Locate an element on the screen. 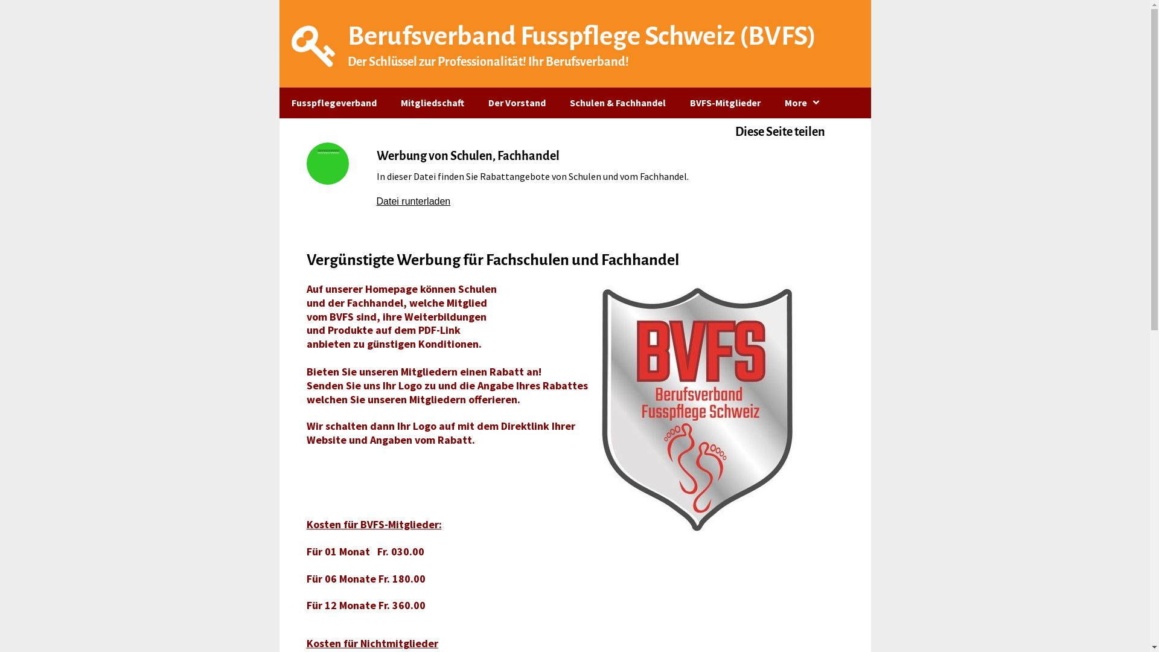 This screenshot has width=1159, height=652. 'More' is located at coordinates (803, 102).